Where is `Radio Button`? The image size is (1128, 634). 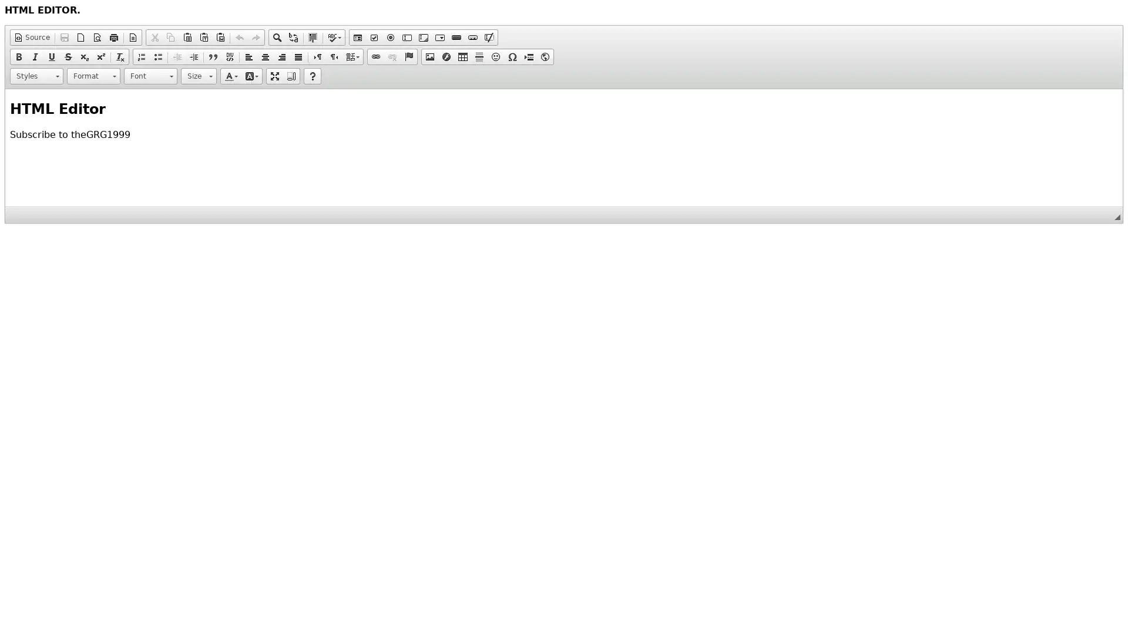
Radio Button is located at coordinates (391, 37).